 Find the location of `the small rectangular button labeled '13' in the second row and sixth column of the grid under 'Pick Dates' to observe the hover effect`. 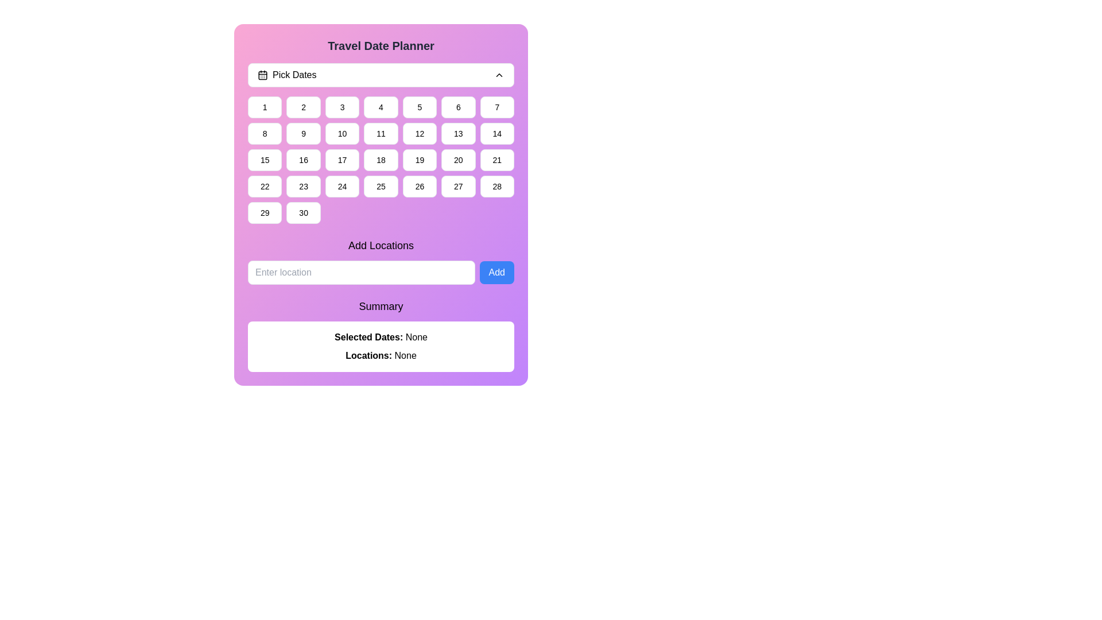

the small rectangular button labeled '13' in the second row and sixth column of the grid under 'Pick Dates' to observe the hover effect is located at coordinates (457, 133).